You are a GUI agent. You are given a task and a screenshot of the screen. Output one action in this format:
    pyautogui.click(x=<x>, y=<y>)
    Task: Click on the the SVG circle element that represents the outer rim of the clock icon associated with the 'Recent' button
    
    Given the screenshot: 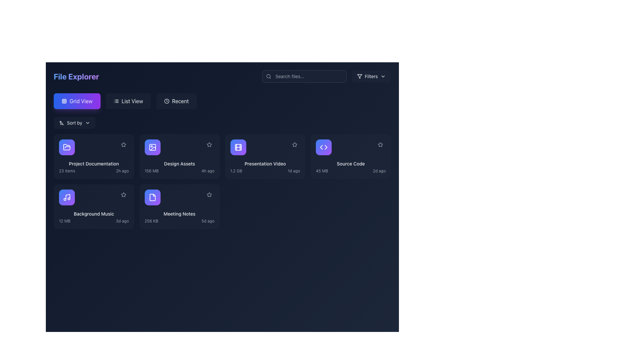 What is the action you would take?
    pyautogui.click(x=166, y=101)
    